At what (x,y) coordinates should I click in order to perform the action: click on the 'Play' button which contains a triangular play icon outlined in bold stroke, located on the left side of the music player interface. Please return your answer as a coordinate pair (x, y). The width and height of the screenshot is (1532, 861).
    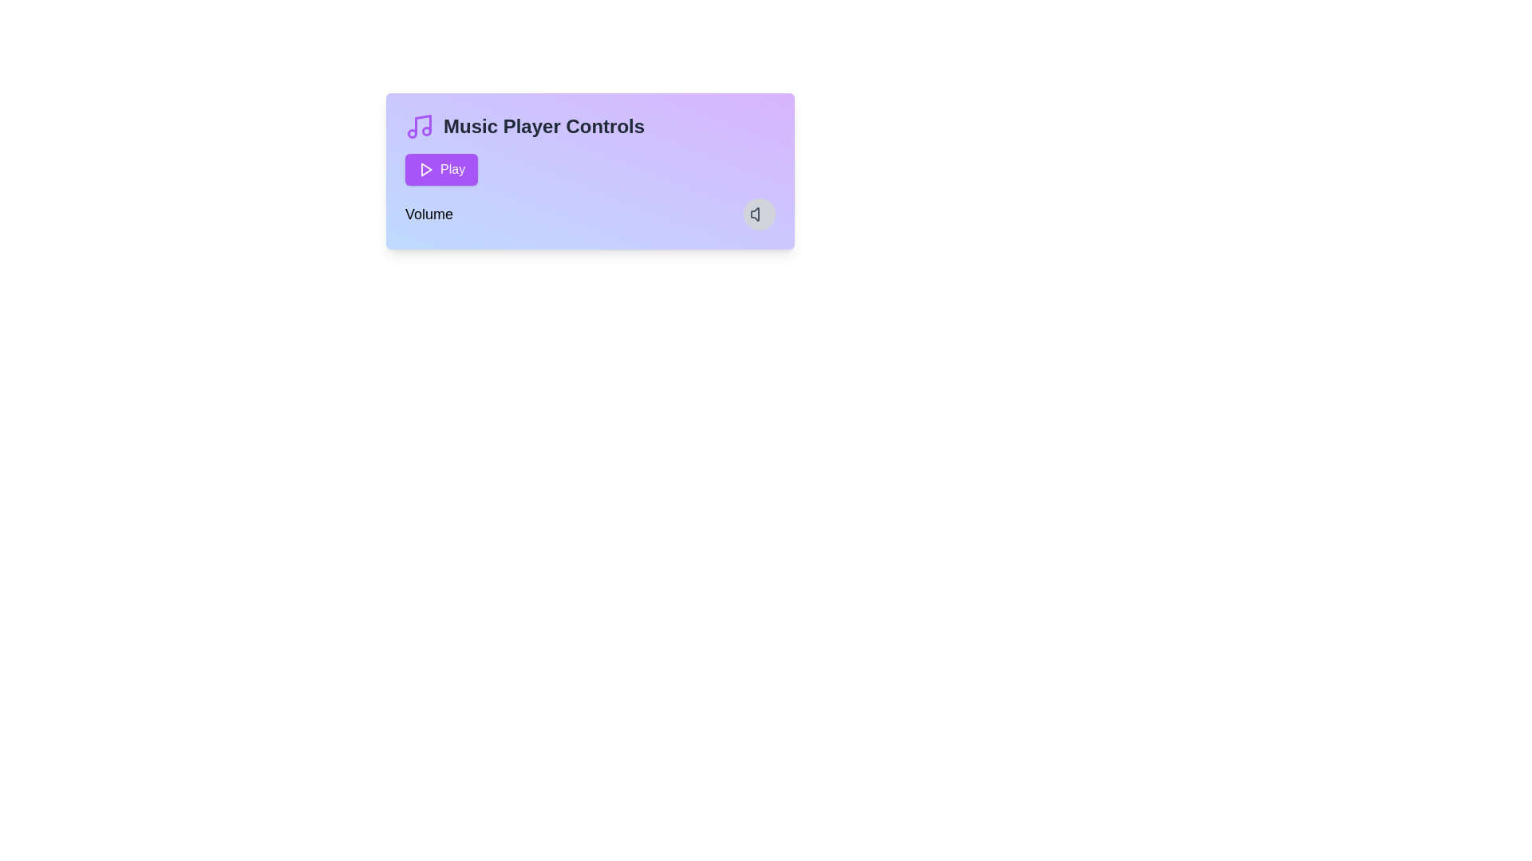
    Looking at the image, I should click on (425, 169).